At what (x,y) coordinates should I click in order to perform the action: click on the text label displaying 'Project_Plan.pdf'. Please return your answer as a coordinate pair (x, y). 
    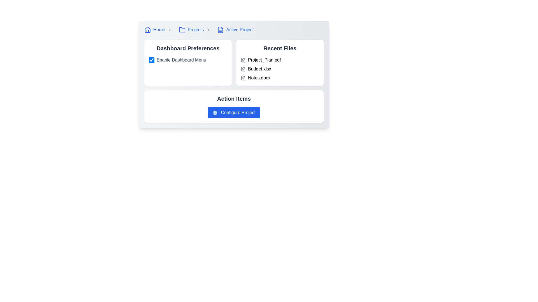
    Looking at the image, I should click on (280, 60).